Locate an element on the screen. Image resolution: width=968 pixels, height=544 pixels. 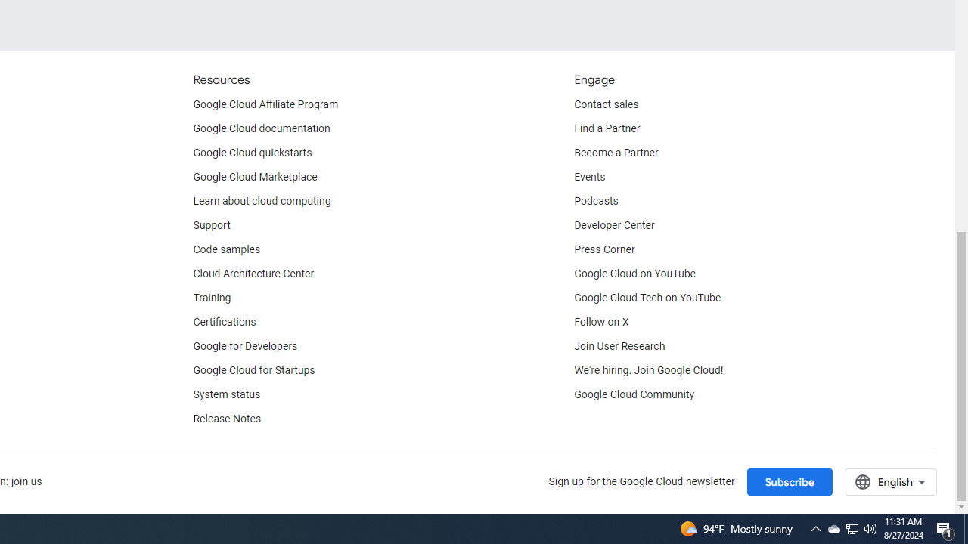
'Google for Developers' is located at coordinates (245, 346).